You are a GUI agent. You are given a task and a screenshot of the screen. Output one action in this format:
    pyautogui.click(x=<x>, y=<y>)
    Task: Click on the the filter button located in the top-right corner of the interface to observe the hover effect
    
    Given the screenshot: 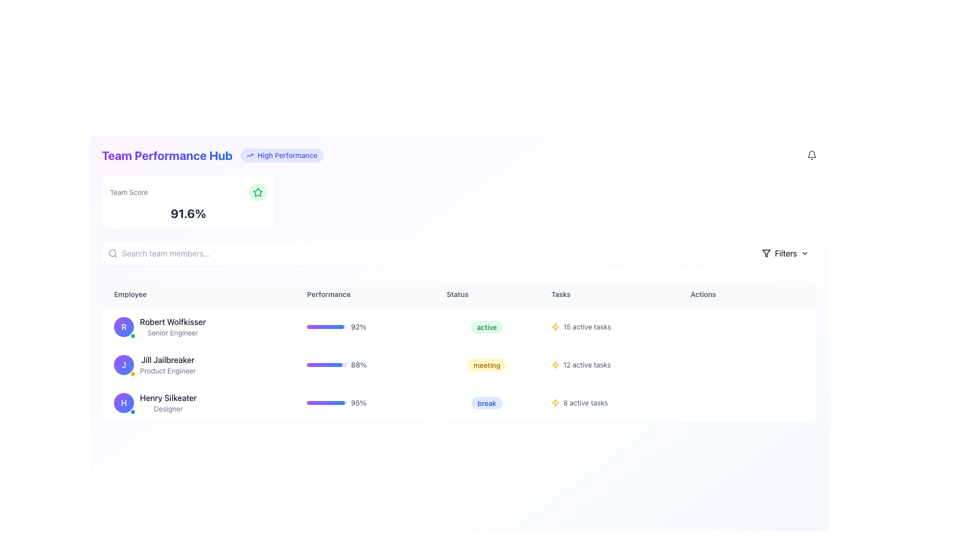 What is the action you would take?
    pyautogui.click(x=784, y=252)
    